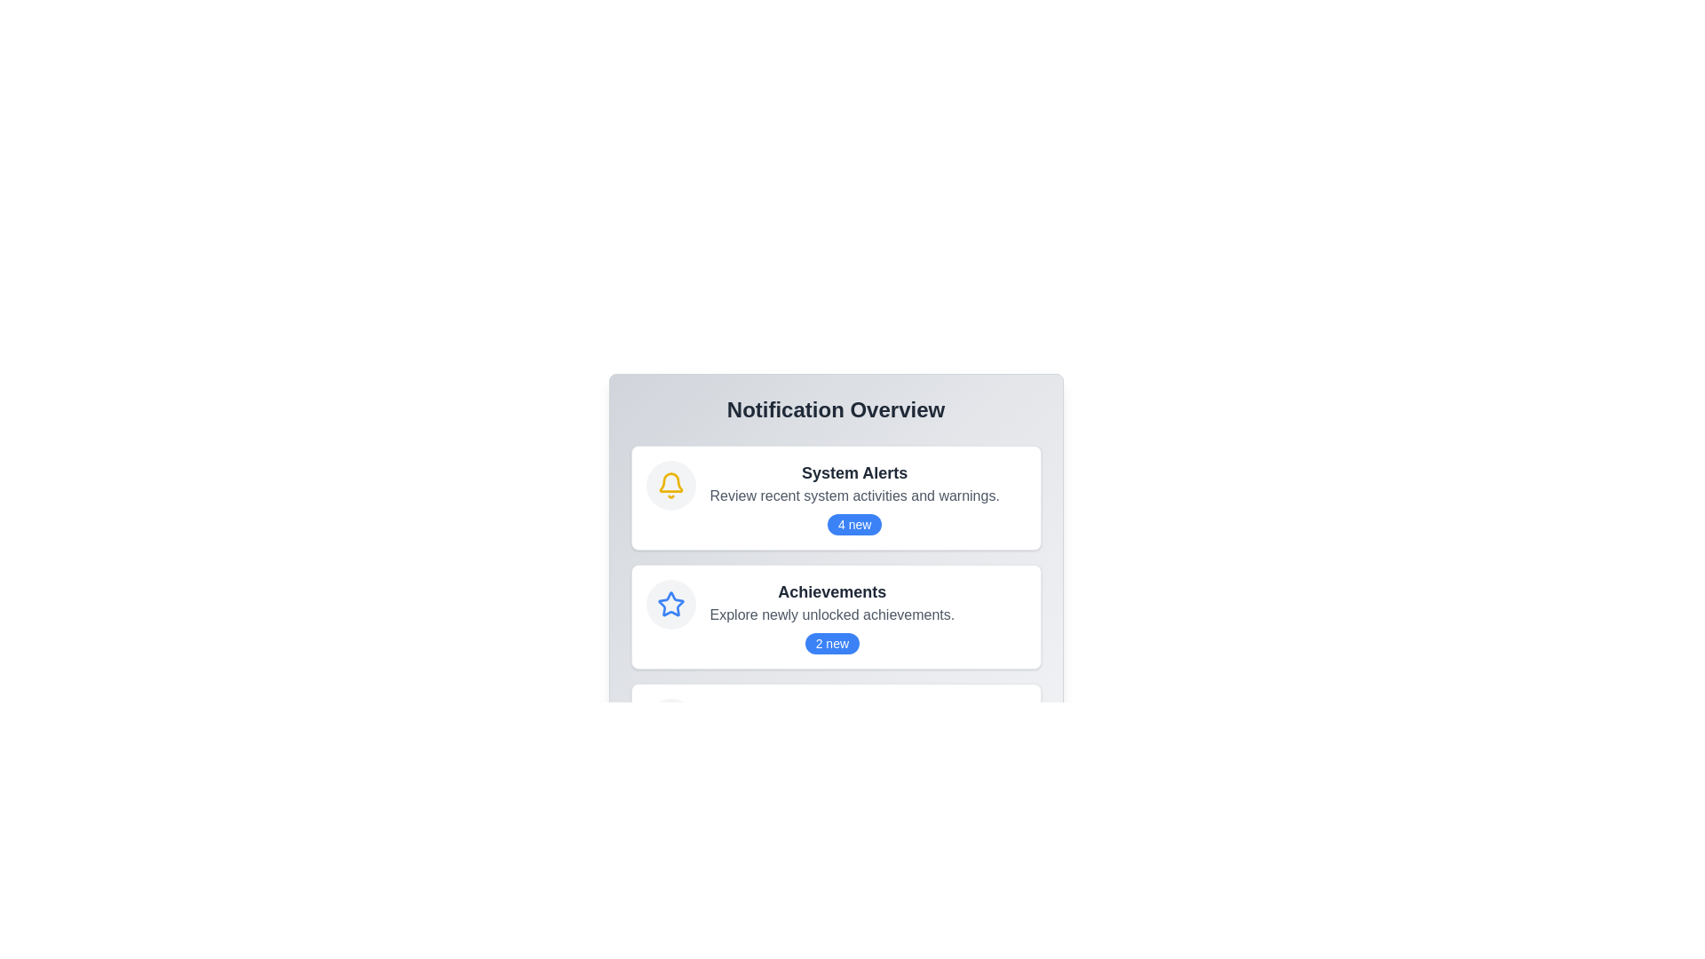  Describe the element at coordinates (831, 644) in the screenshot. I see `the Badge indicating '2 new' achievements located in the 'Achievements' section of the Notification Overview interface` at that location.